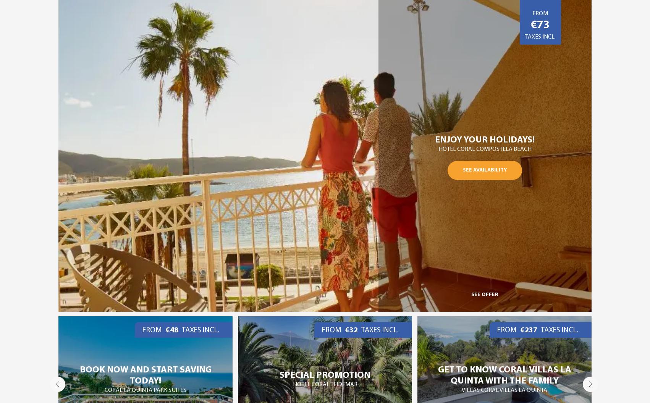  I want to click on 'Villas Coral Villas La Quinta', so click(325, 390).